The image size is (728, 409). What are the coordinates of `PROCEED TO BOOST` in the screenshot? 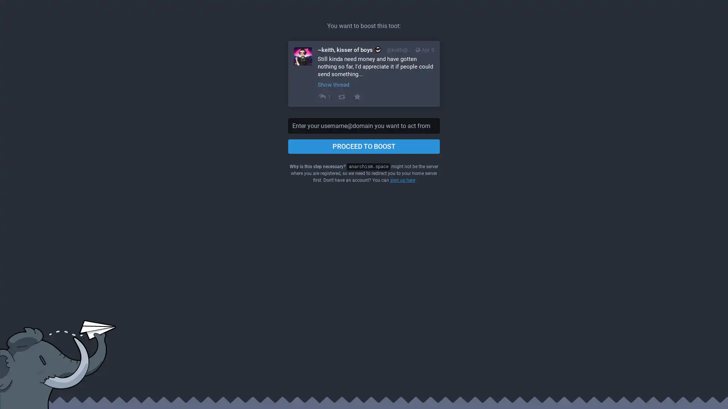 It's located at (364, 146).